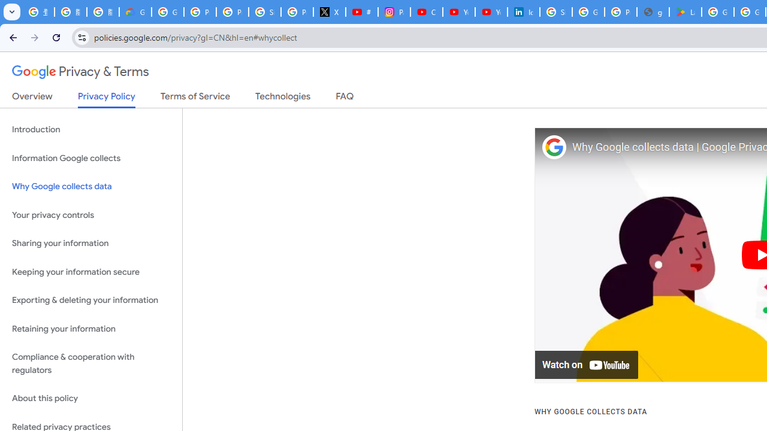 This screenshot has width=767, height=431. What do you see at coordinates (524, 12) in the screenshot?
I see `'Identity verification via Persona | LinkedIn Help'` at bounding box center [524, 12].